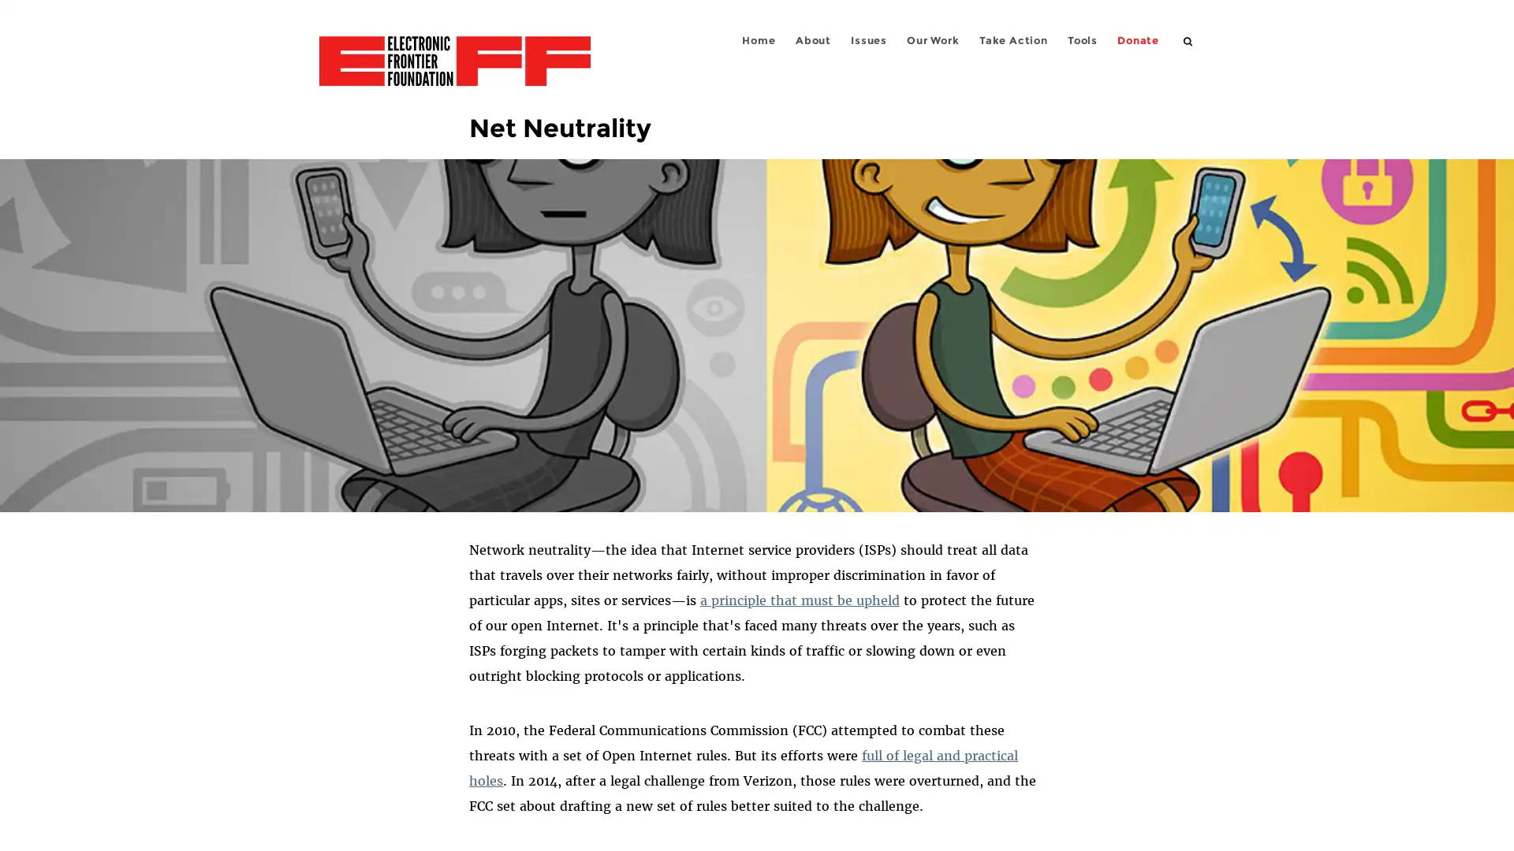 Image resolution: width=1514 pixels, height=851 pixels. Describe the element at coordinates (1188, 39) in the screenshot. I see `search` at that location.